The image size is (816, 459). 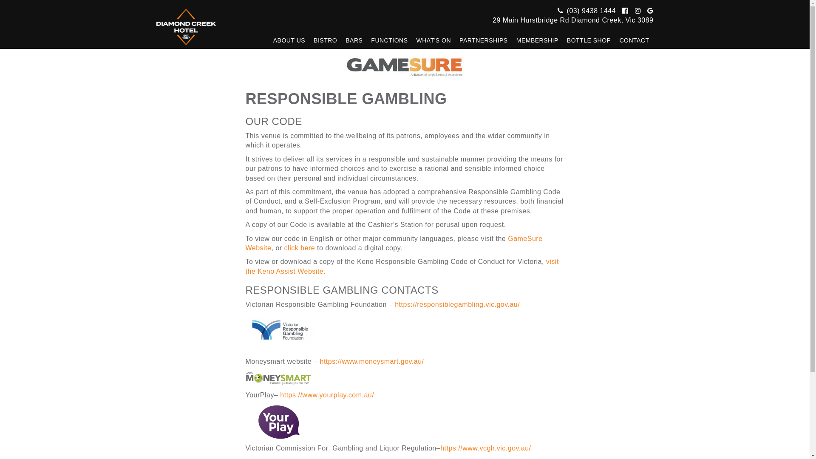 What do you see at coordinates (354, 40) in the screenshot?
I see `'BARS'` at bounding box center [354, 40].